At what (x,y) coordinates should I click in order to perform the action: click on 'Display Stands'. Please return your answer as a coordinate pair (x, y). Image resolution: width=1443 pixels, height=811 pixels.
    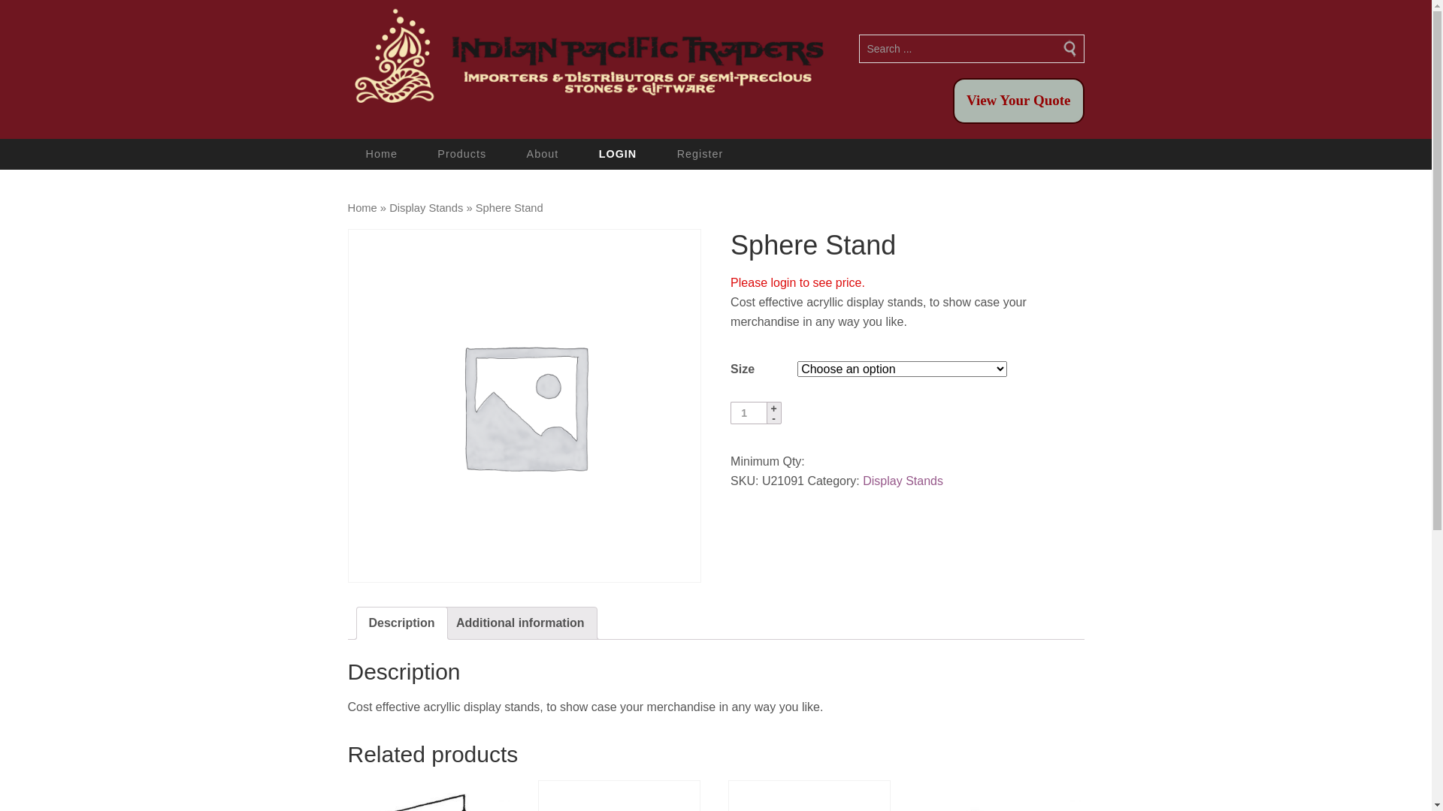
    Looking at the image, I should click on (862, 481).